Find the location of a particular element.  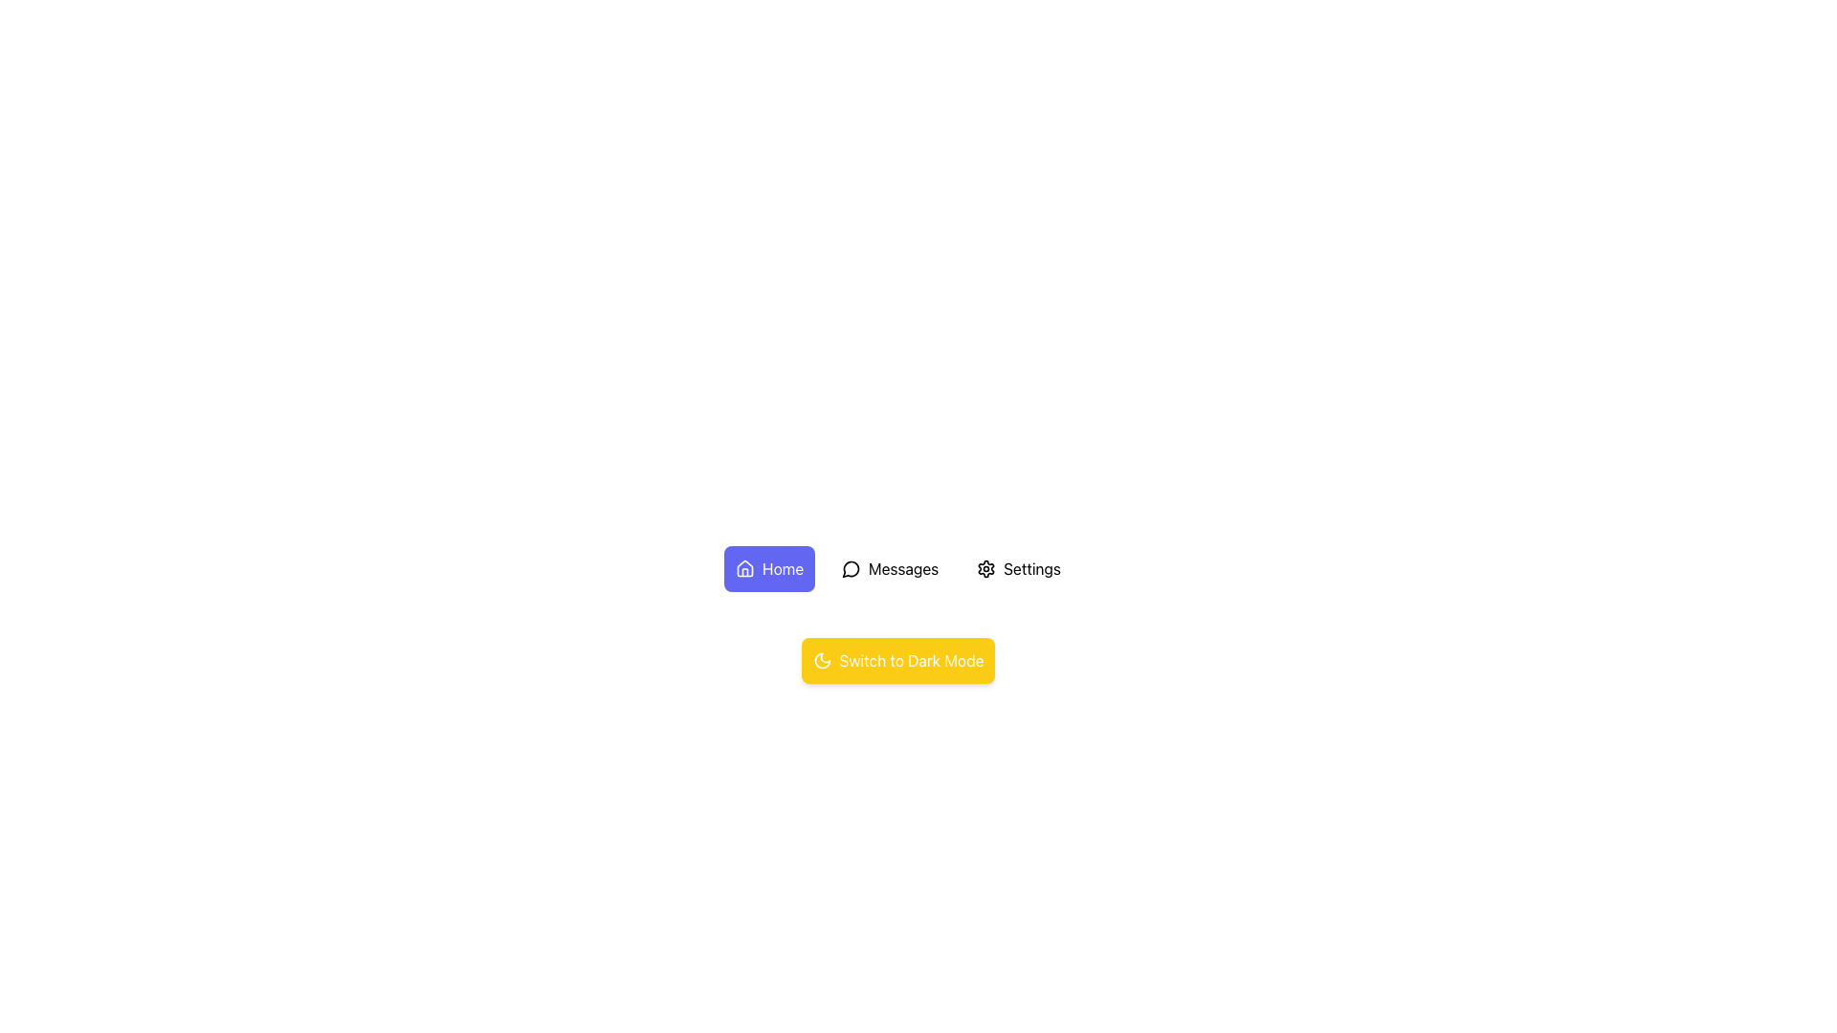

the 'Switch to Dark Mode' button, which has a bright yellow background, white text, and a moon icon, to observe the visual feedback is located at coordinates (897, 659).